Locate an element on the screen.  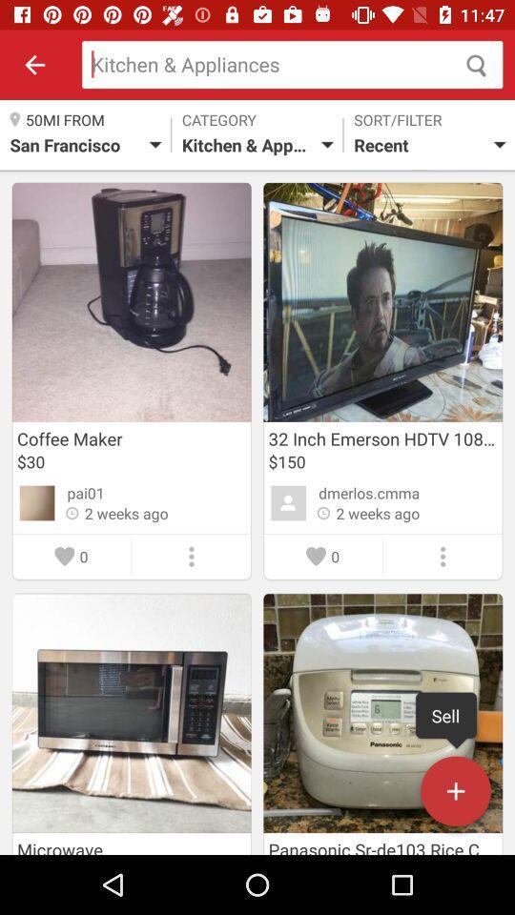
the pai01 icon is located at coordinates (85, 492).